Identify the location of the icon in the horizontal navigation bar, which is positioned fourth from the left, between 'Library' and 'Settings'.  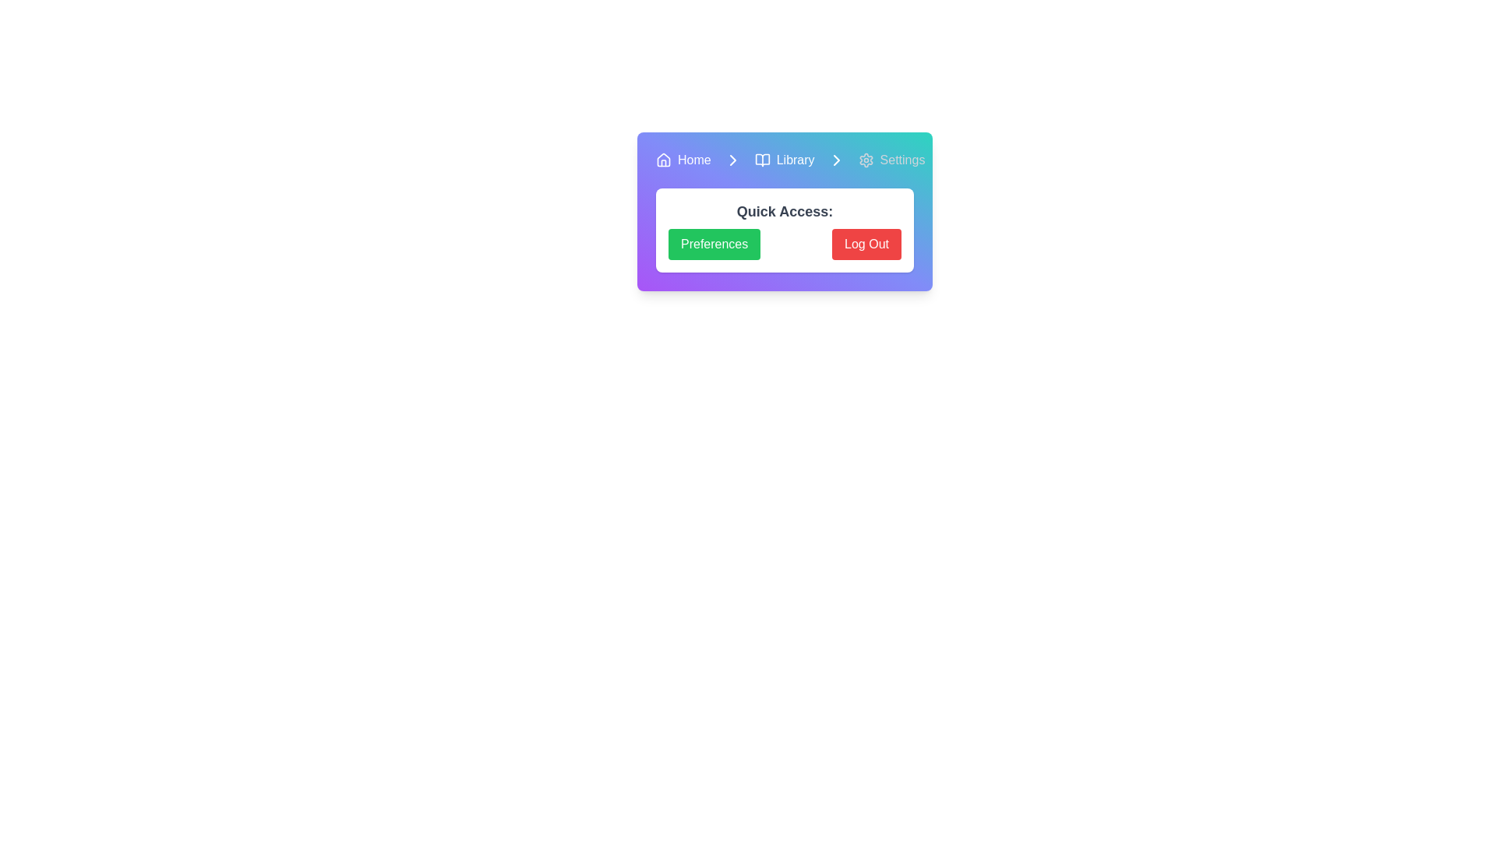
(835, 160).